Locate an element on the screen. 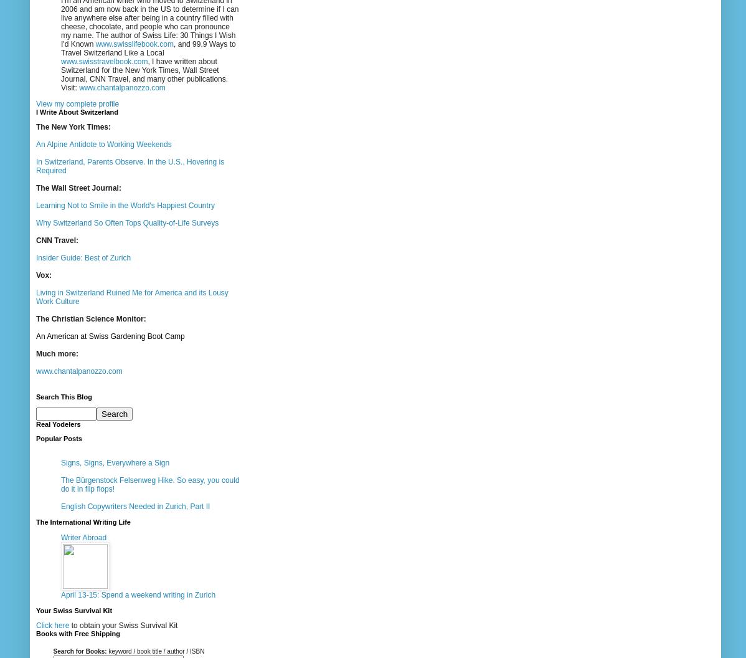  'ore:' is located at coordinates (70, 354).